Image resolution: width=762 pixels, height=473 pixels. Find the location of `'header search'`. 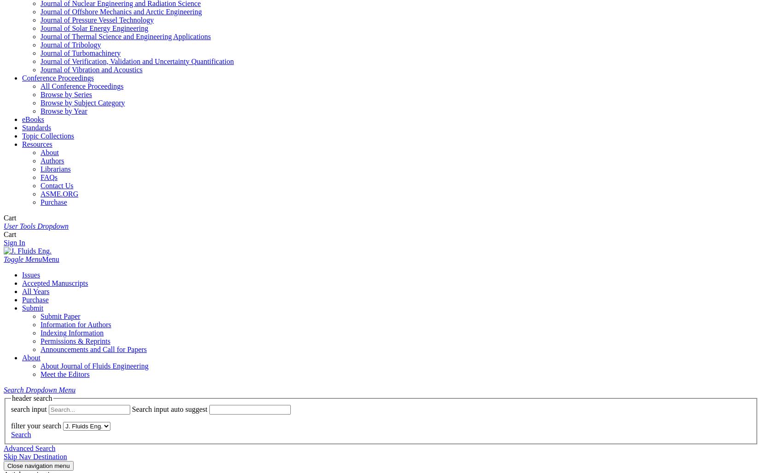

'header search' is located at coordinates (31, 397).